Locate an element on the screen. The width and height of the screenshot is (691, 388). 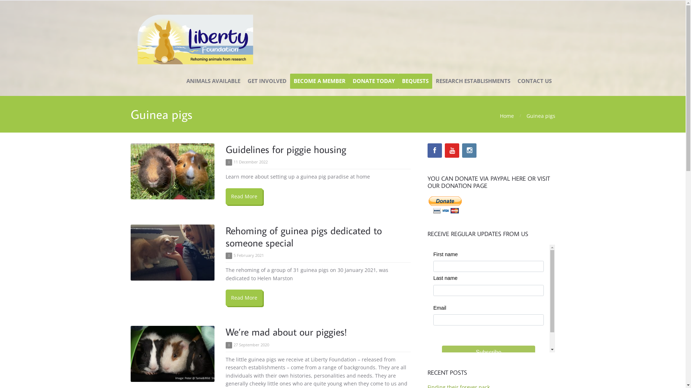
'YouTube' is located at coordinates (452, 150).